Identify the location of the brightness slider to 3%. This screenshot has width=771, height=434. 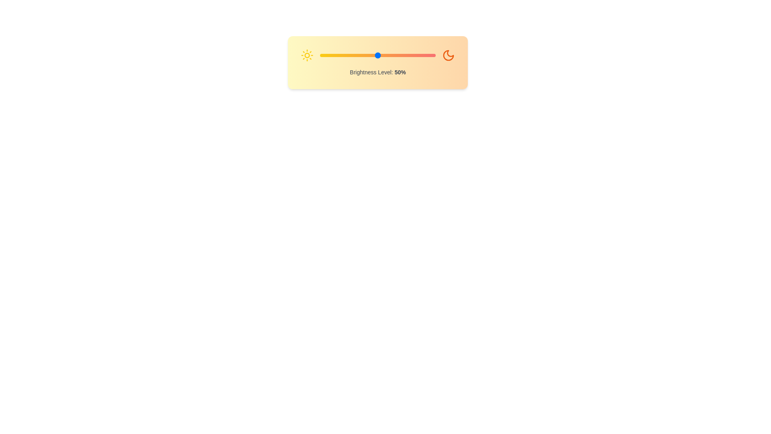
(323, 55).